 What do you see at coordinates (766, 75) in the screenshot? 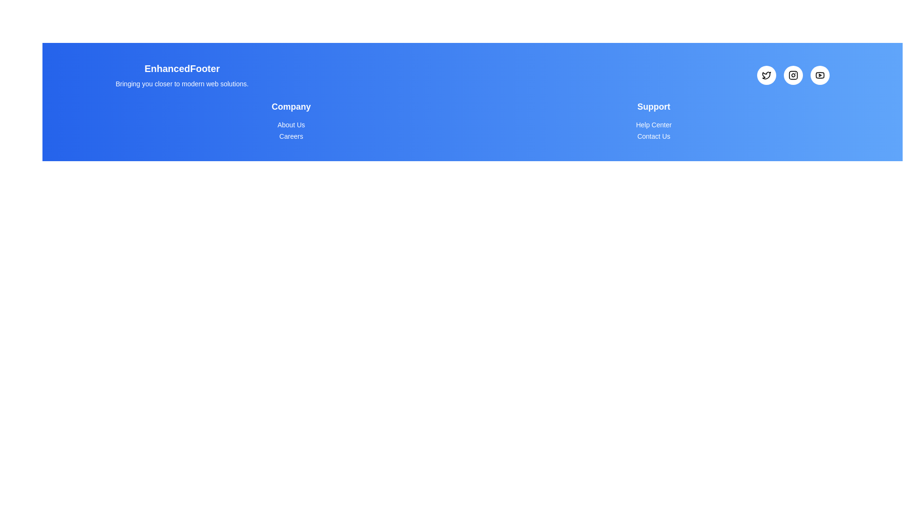
I see `the Twitter icon button located on the right side of the footer section` at bounding box center [766, 75].